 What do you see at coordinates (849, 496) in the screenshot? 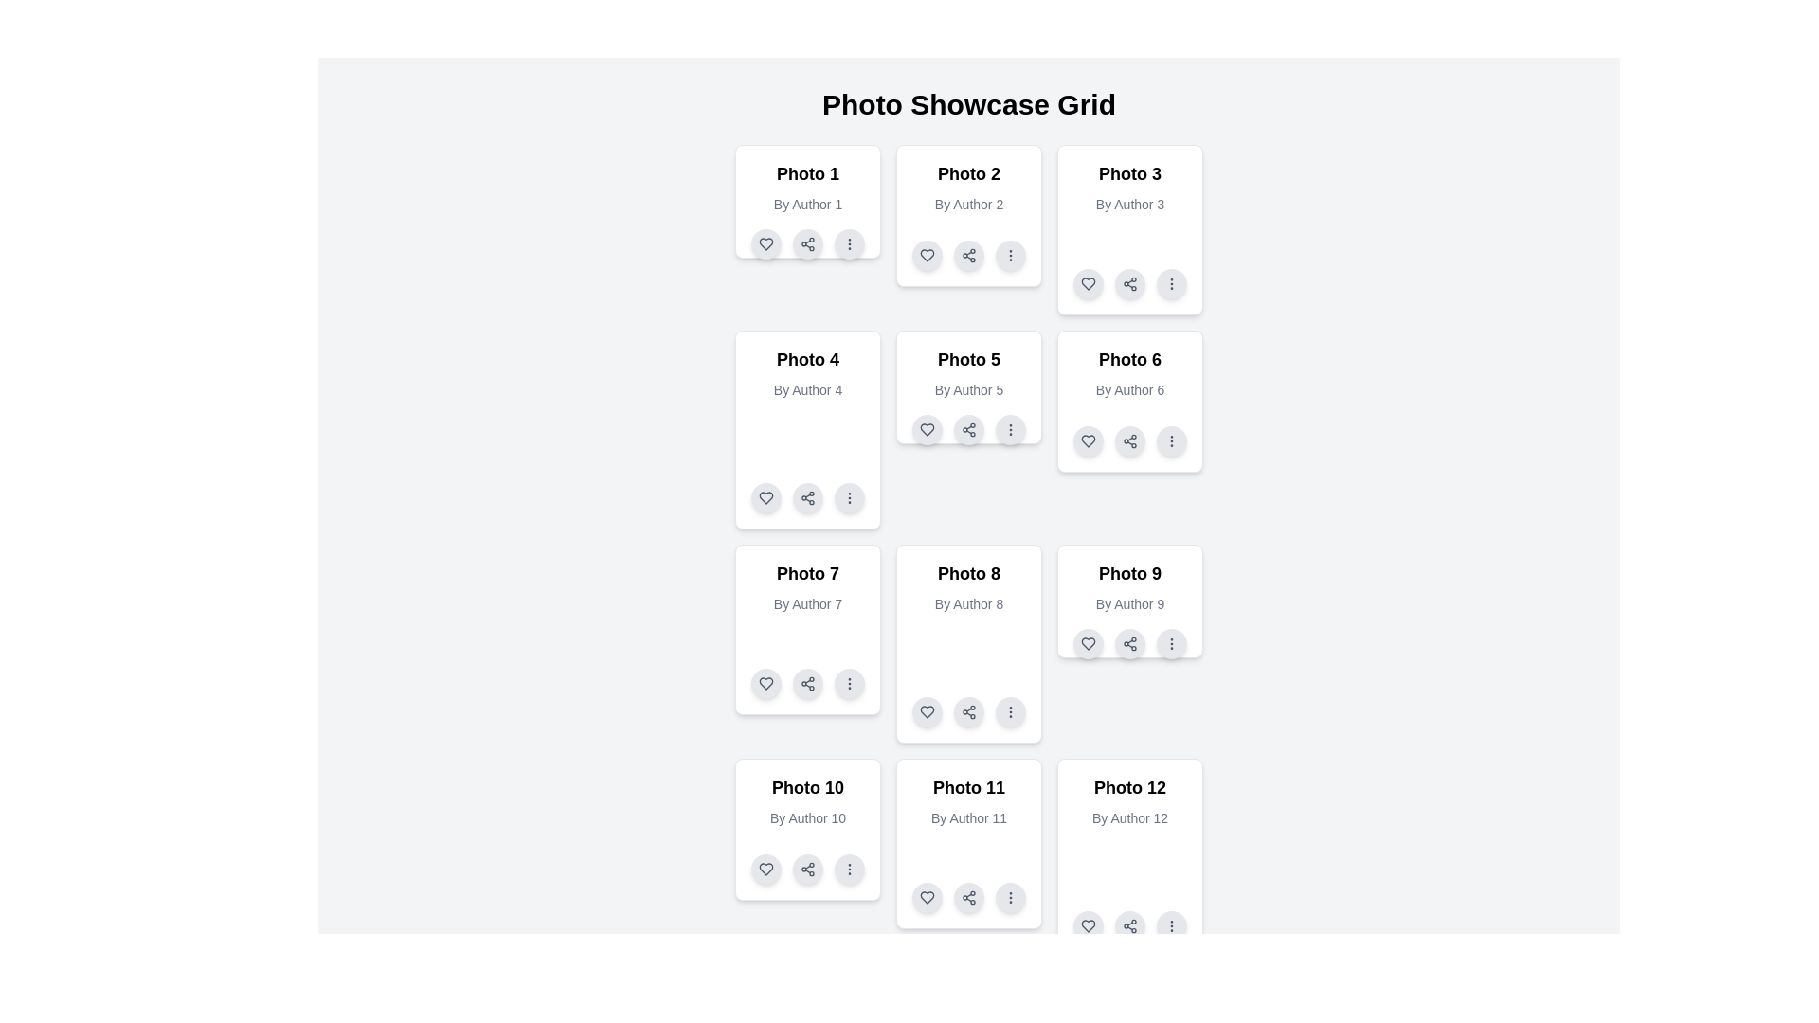
I see `the small circular button with a light gray background and a vertical ellipsis icon at the center` at bounding box center [849, 496].